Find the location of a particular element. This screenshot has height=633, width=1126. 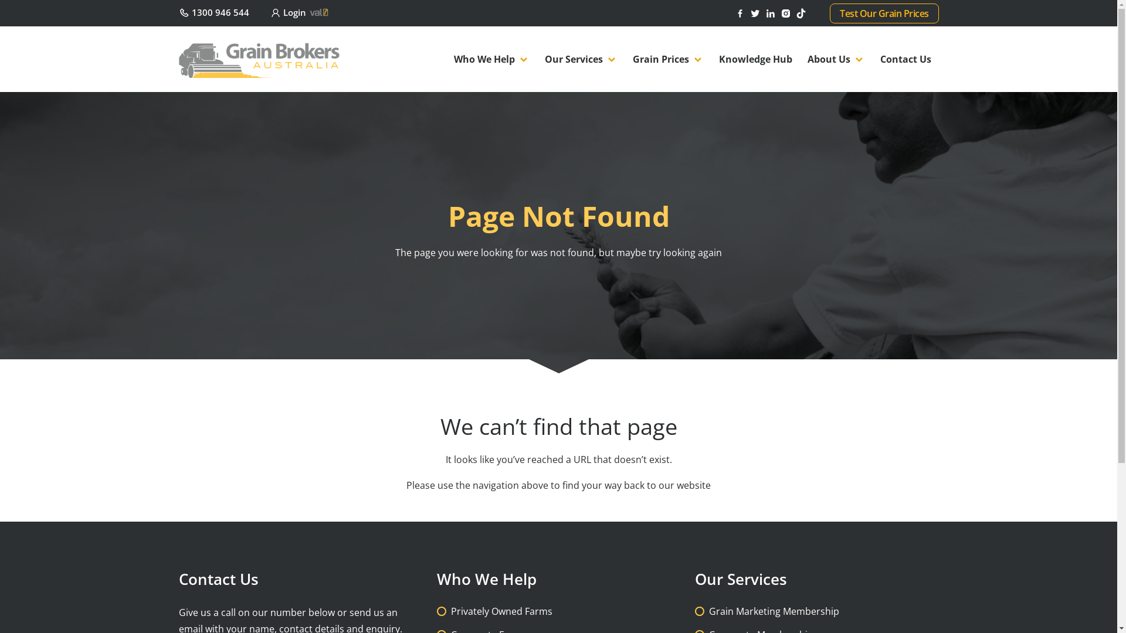

'LinkedIn' is located at coordinates (765, 12).